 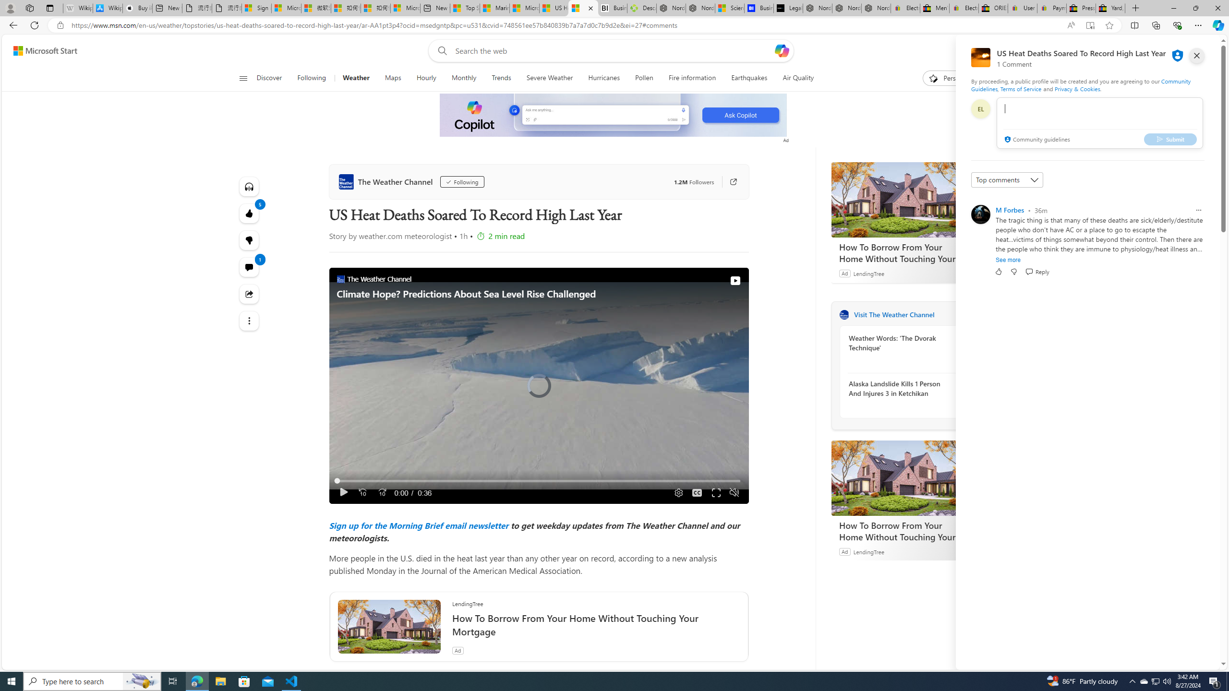 I want to click on 'Terms of Service', so click(x=1021, y=88).